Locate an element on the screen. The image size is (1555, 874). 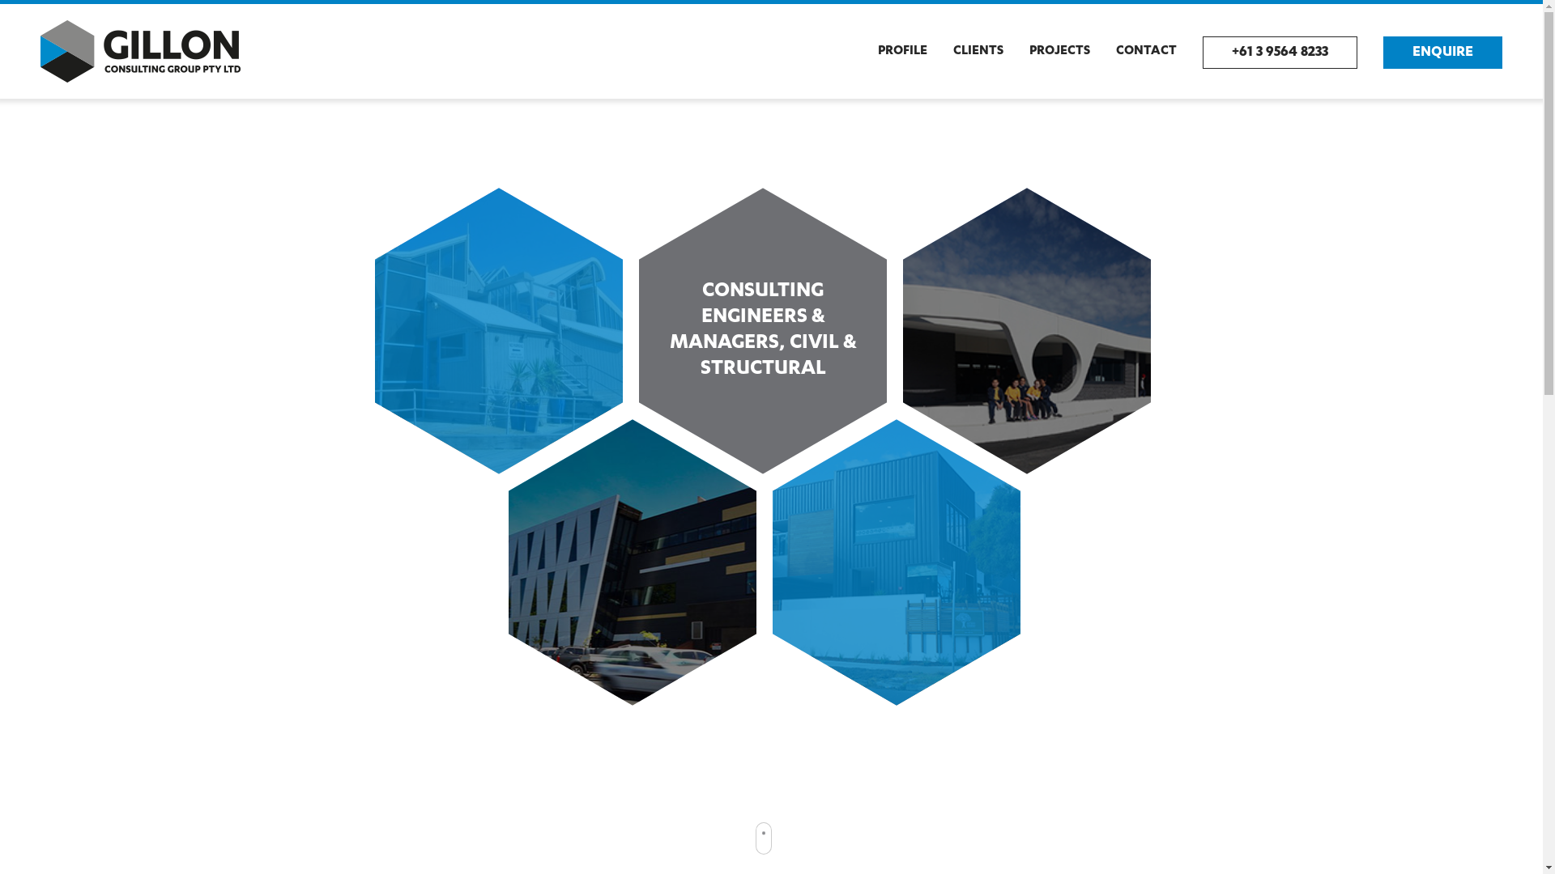
'Gillon Consulting Group' is located at coordinates (140, 50).